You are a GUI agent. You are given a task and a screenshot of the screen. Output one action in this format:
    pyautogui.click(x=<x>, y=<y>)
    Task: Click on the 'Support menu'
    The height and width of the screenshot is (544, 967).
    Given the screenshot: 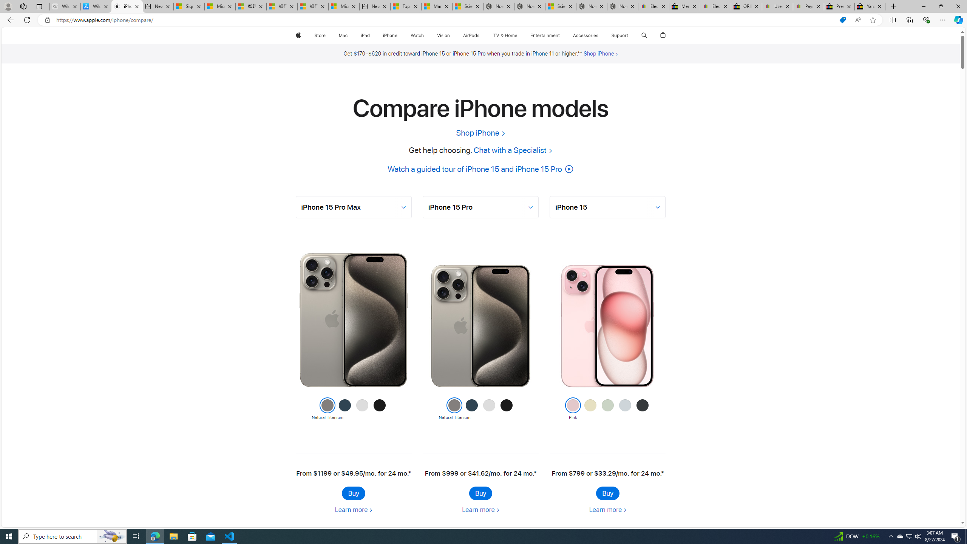 What is the action you would take?
    pyautogui.click(x=630, y=35)
    